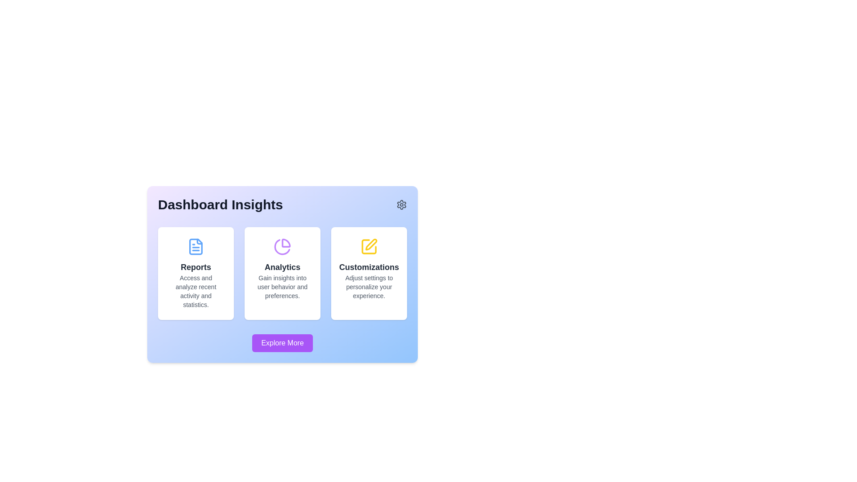  I want to click on the card with a white background and rounded corners containing the text 'Customizations' and a yellow pen icon, which is the third card in a horizontal row of three, so click(369, 273).